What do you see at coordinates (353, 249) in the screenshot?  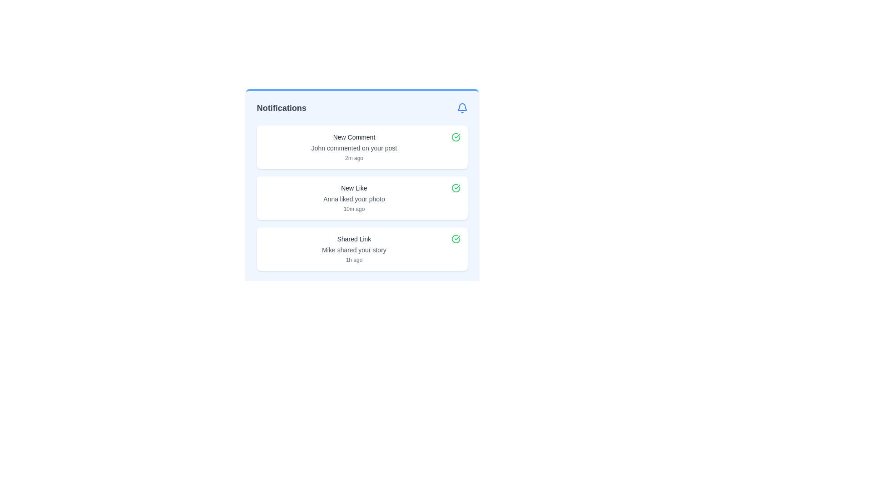 I see `the notification item titled 'Shared Link'` at bounding box center [353, 249].